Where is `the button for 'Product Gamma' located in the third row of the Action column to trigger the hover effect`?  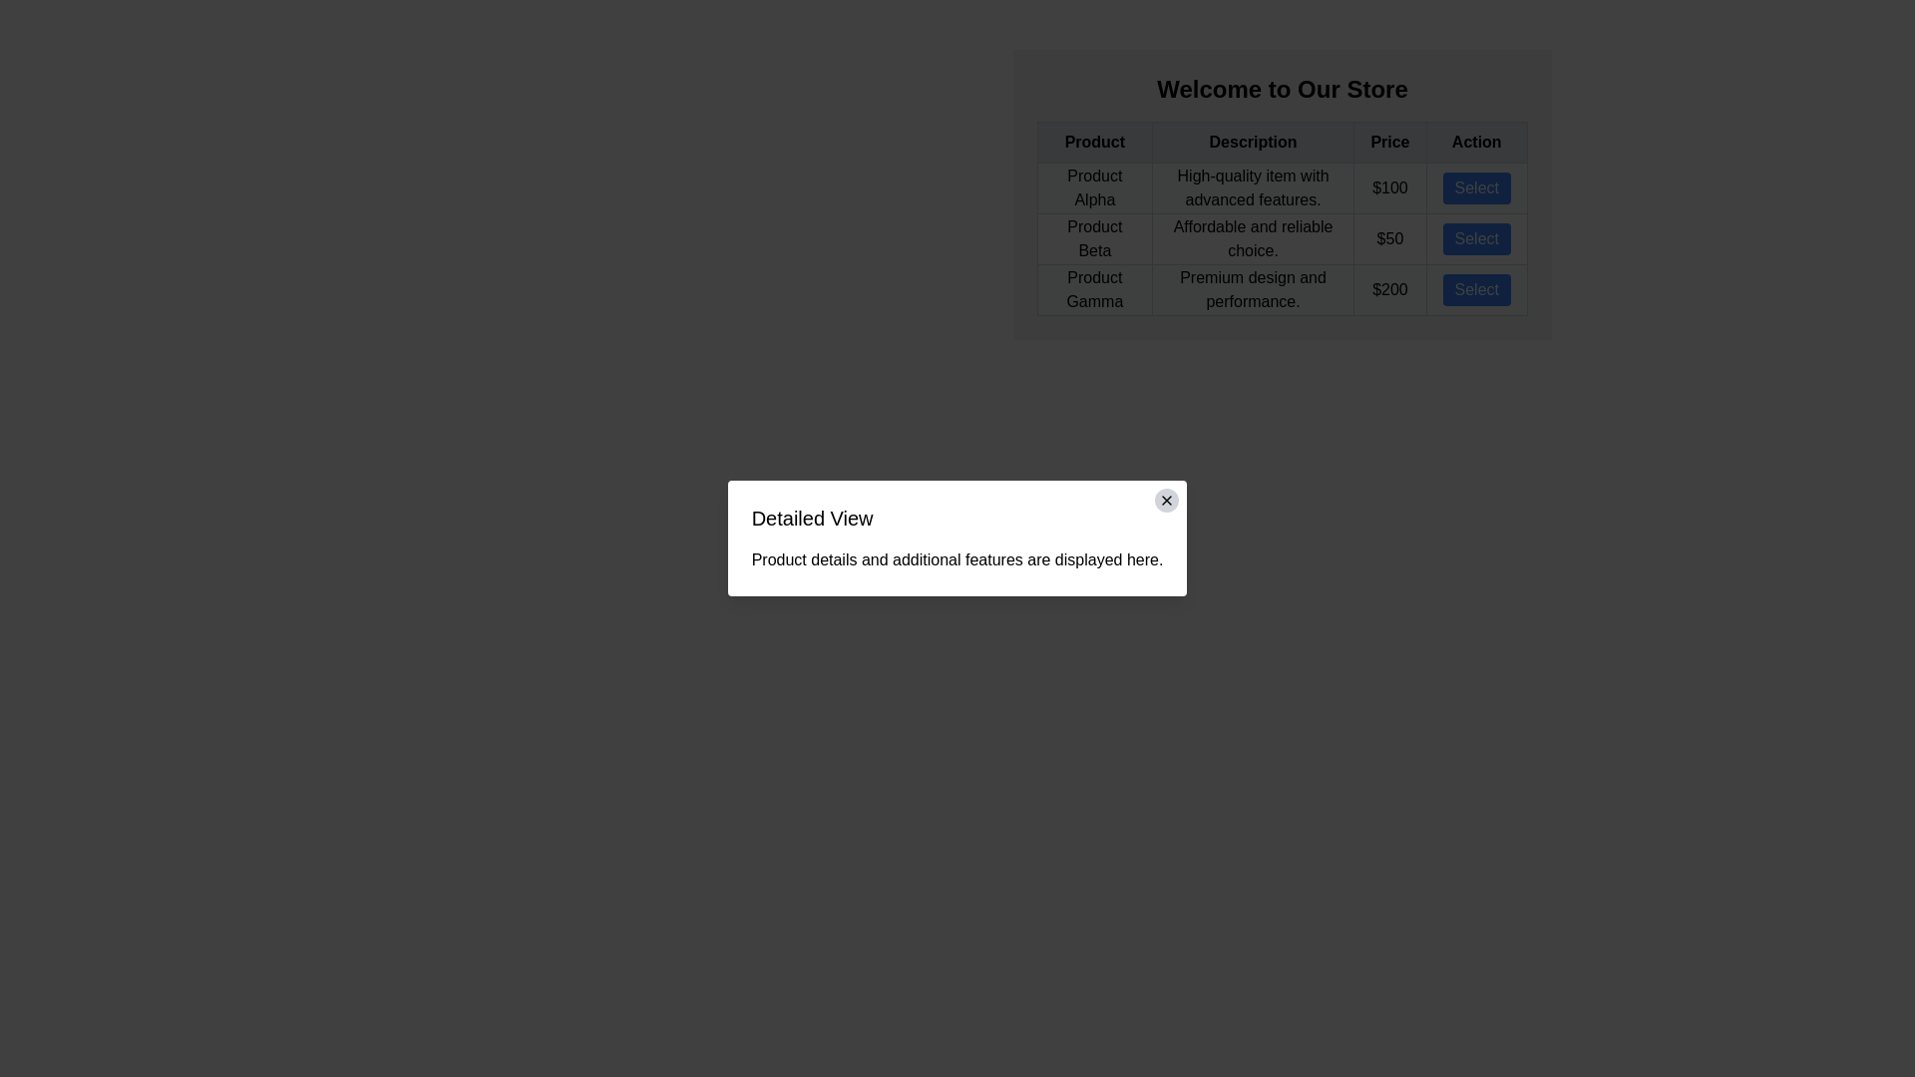 the button for 'Product Gamma' located in the third row of the Action column to trigger the hover effect is located at coordinates (1476, 289).